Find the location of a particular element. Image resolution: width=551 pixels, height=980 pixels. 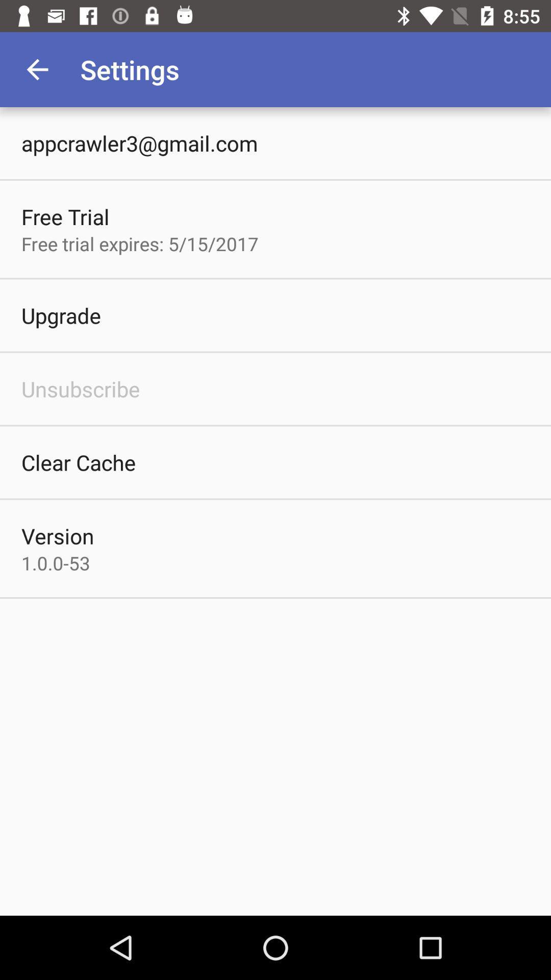

the upgrade is located at coordinates (61, 315).